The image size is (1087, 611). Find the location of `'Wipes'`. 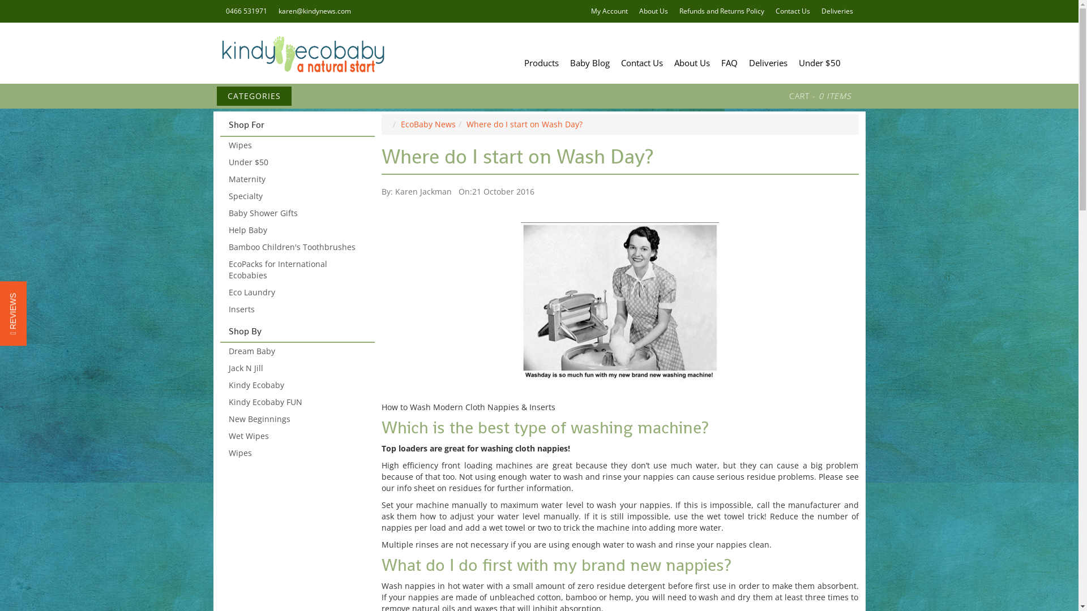

'Wipes' is located at coordinates (220, 453).